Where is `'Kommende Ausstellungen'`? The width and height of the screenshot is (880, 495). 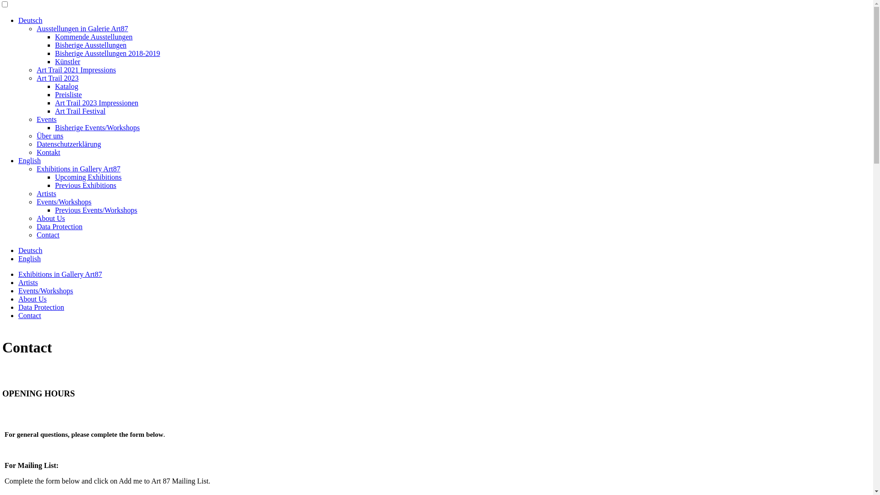
'Kommende Ausstellungen' is located at coordinates (93, 36).